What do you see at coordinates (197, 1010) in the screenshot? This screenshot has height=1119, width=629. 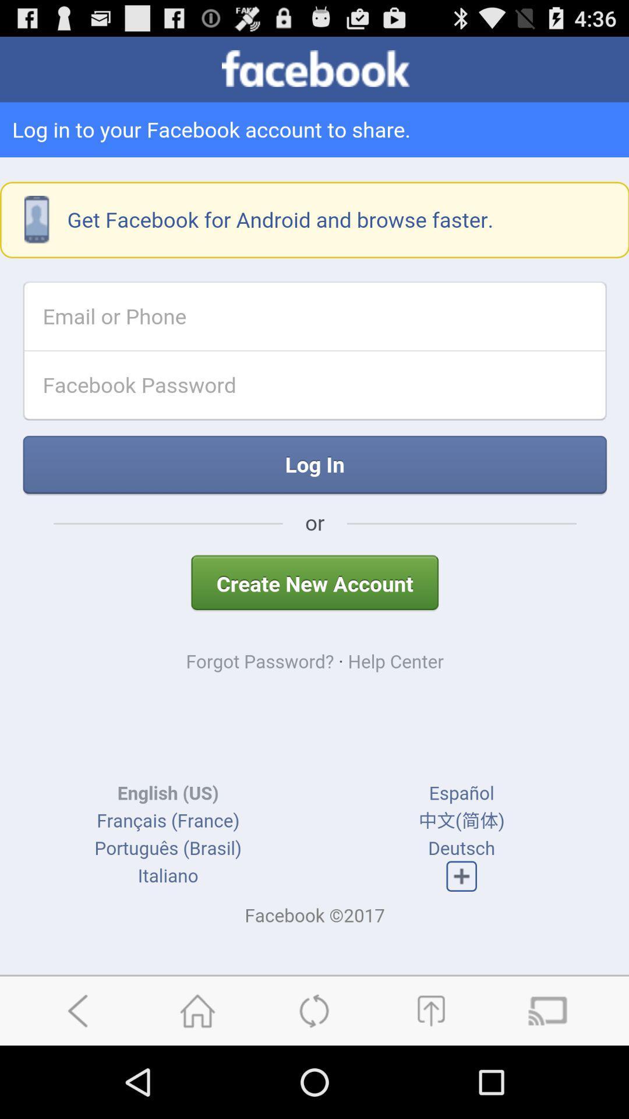 I see `home page button` at bounding box center [197, 1010].